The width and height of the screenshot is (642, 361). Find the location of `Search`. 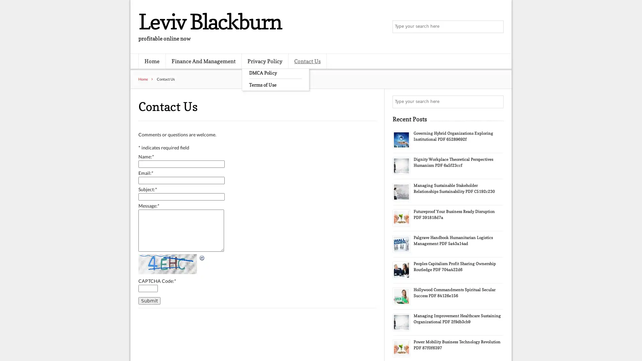

Search is located at coordinates (497, 102).